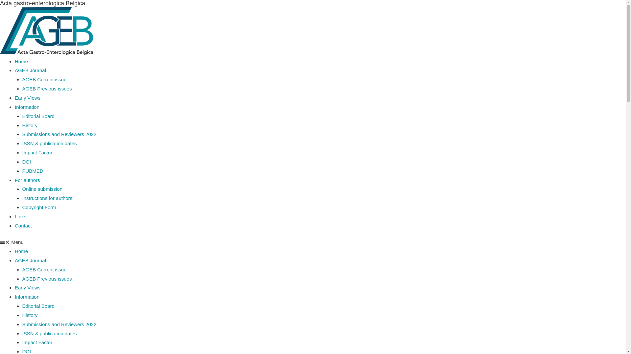 The width and height of the screenshot is (631, 354). I want to click on 'Impact Factor', so click(22, 152).